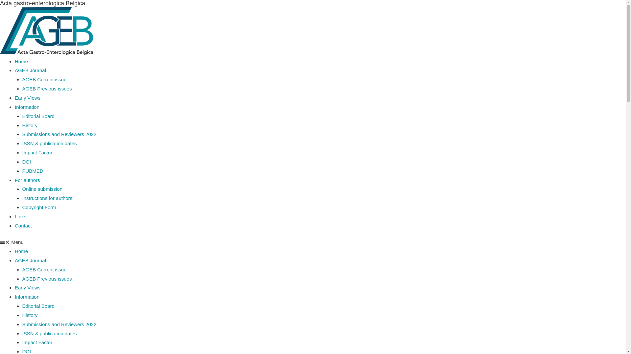 The width and height of the screenshot is (631, 354). I want to click on 'Impact Factor', so click(22, 152).